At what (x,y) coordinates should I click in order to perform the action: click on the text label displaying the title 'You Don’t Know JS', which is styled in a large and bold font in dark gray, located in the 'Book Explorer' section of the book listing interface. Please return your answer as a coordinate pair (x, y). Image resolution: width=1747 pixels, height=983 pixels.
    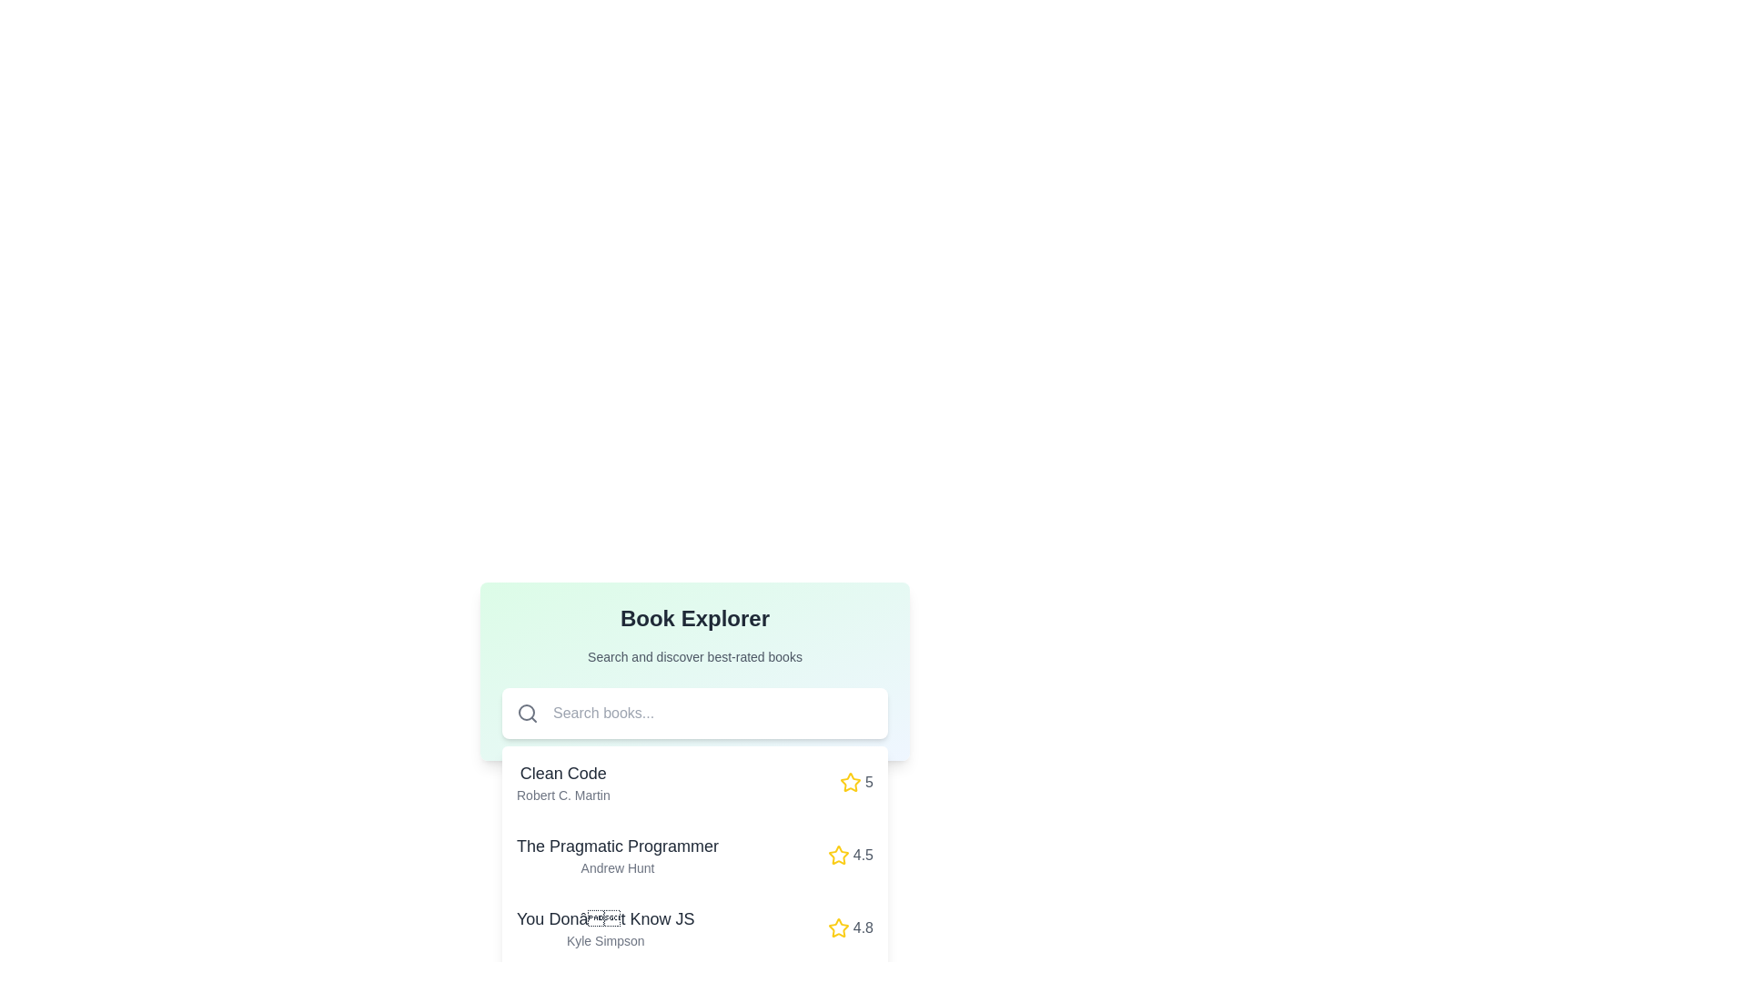
    Looking at the image, I should click on (605, 919).